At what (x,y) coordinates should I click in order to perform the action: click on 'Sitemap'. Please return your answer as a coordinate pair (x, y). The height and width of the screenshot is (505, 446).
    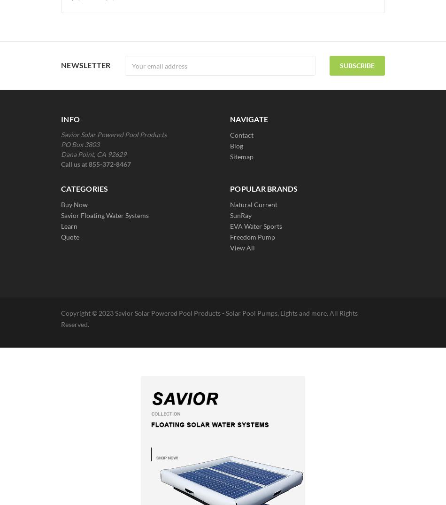
    Looking at the image, I should click on (241, 156).